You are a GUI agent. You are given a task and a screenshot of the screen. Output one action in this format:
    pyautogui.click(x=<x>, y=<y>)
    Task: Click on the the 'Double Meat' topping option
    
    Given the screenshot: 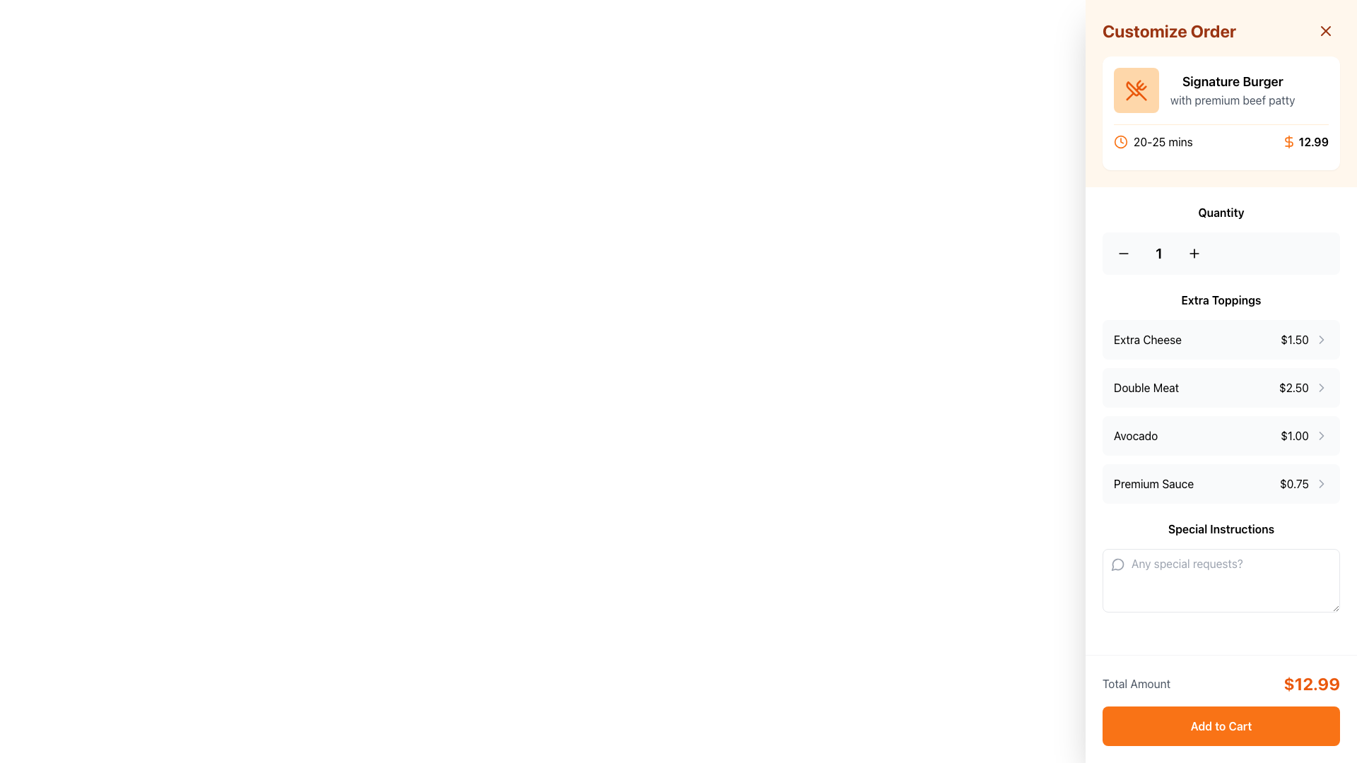 What is the action you would take?
    pyautogui.click(x=1221, y=398)
    